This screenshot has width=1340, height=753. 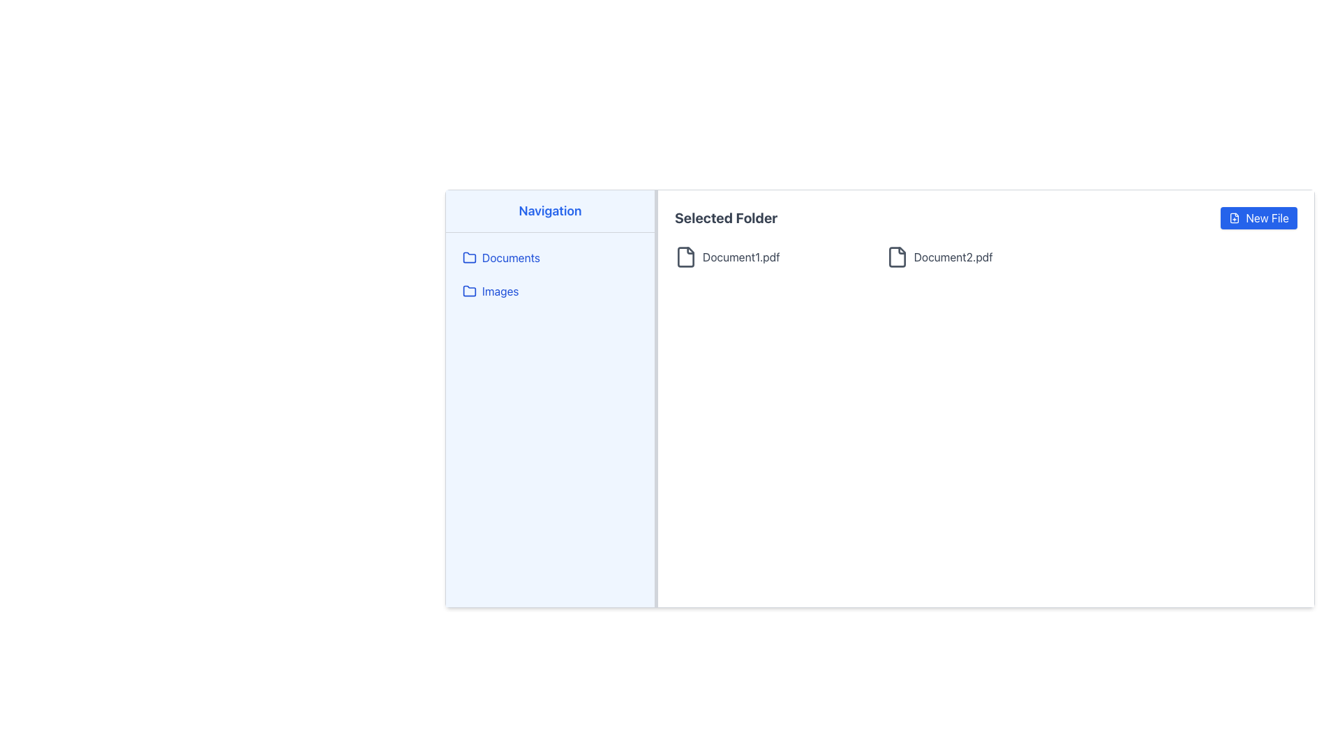 I want to click on the text label displaying 'Document2.pdf' which is positioned to the right of a document file icon in the 'Selected Folder' section, so click(x=953, y=257).